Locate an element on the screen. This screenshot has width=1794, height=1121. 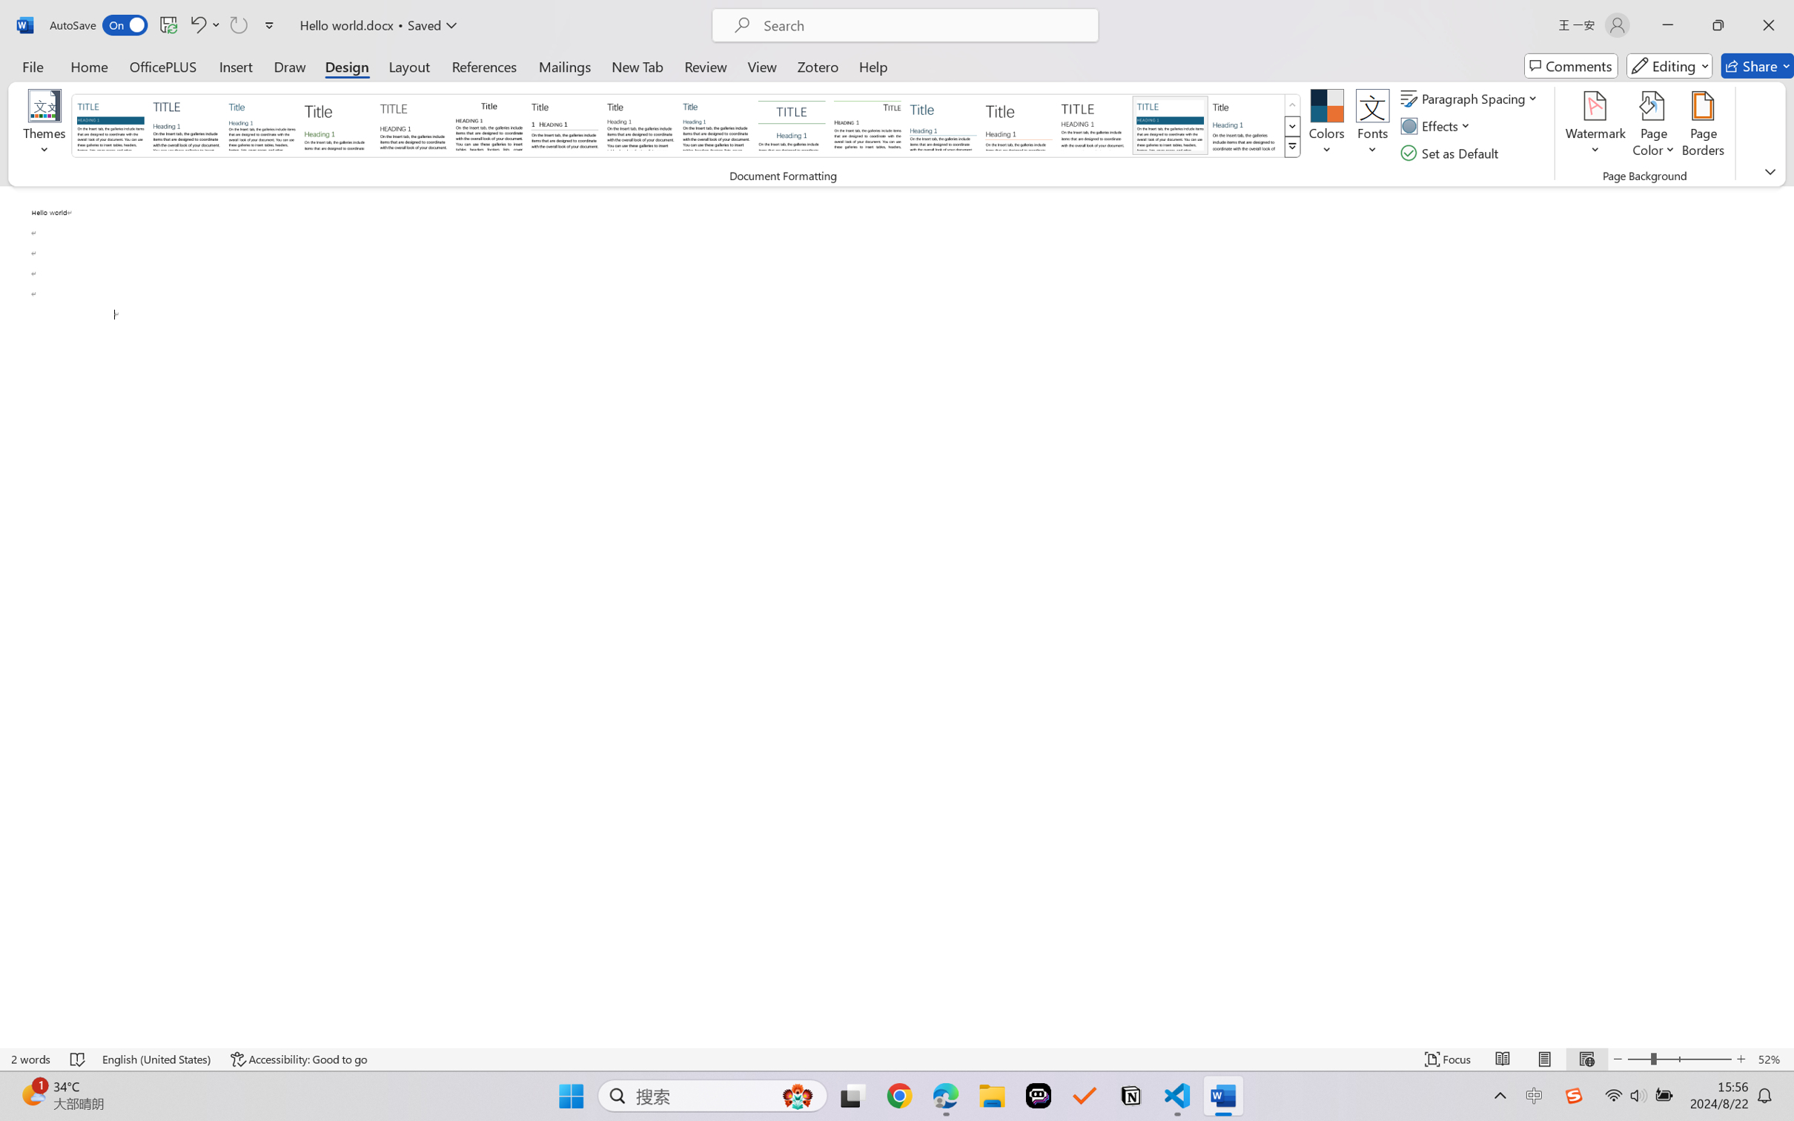
'Watermark' is located at coordinates (1595, 126).